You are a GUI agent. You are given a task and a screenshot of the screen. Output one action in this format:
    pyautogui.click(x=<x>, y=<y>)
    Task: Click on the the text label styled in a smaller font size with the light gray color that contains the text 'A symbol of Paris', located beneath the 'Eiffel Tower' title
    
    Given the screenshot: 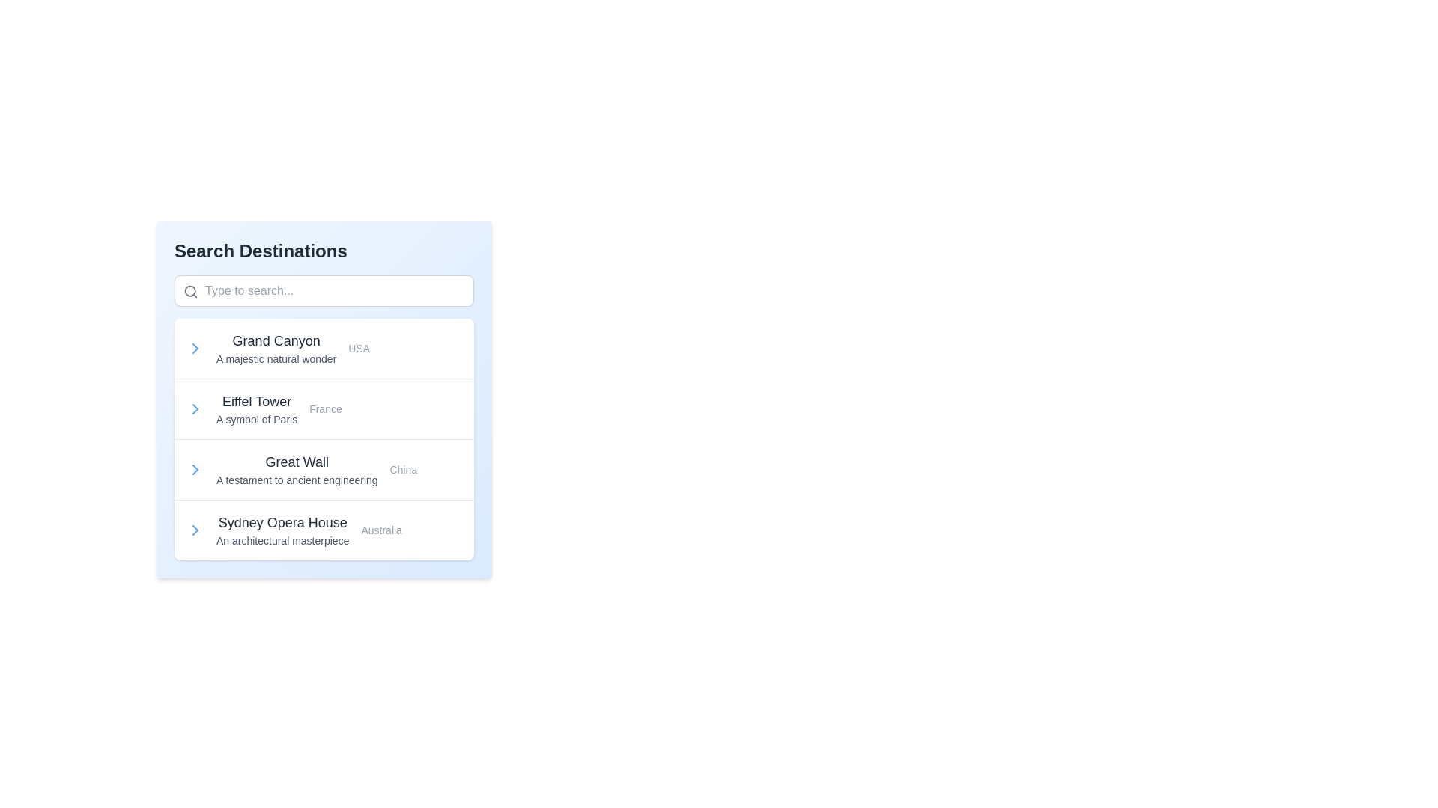 What is the action you would take?
    pyautogui.click(x=257, y=419)
    